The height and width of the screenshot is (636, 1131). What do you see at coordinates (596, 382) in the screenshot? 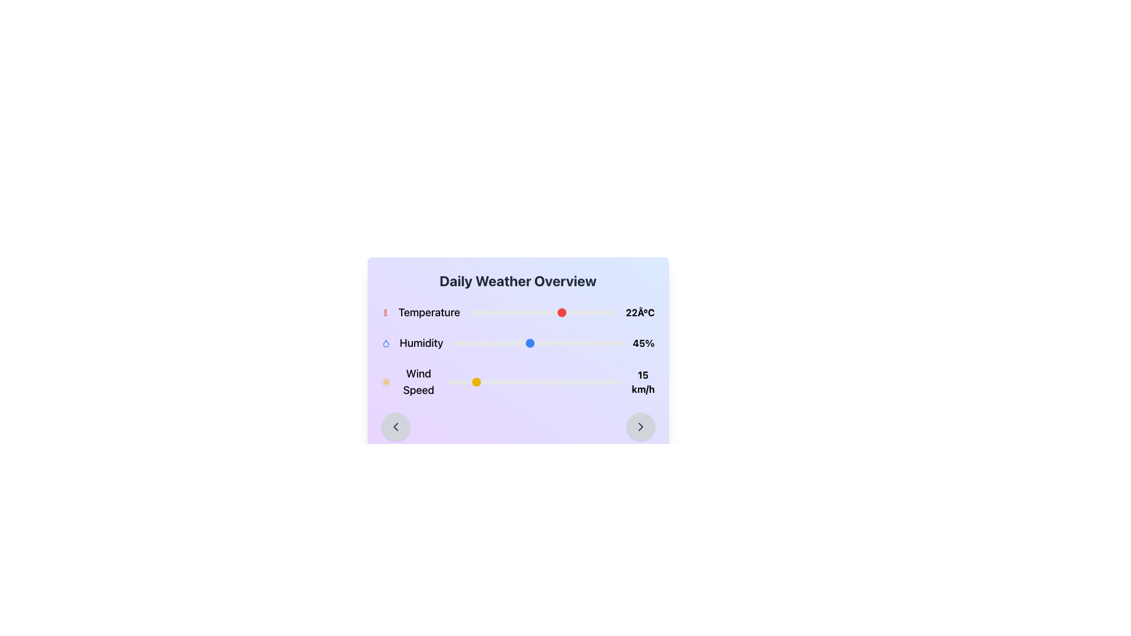
I see `the wind speed` at bounding box center [596, 382].